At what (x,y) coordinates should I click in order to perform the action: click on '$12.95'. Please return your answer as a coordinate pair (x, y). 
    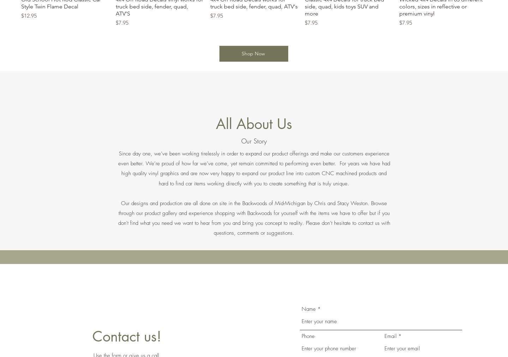
    Looking at the image, I should click on (29, 15).